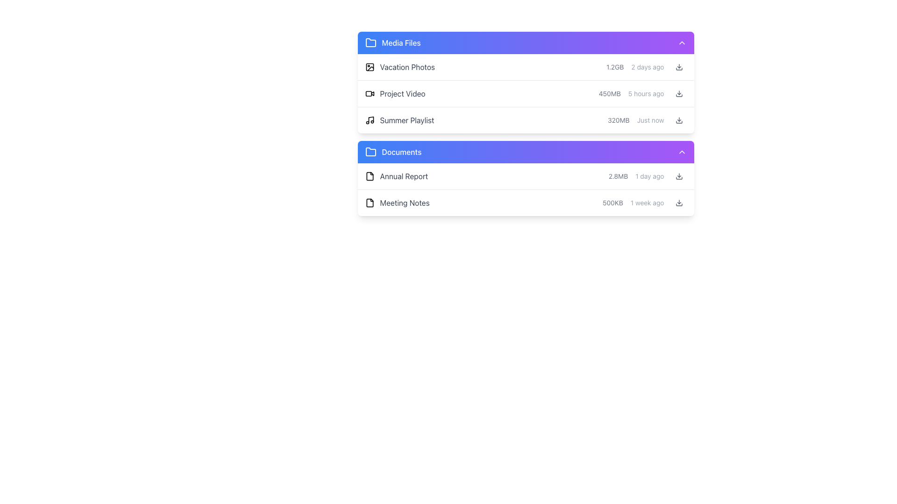 The height and width of the screenshot is (504, 897). What do you see at coordinates (647, 203) in the screenshot?
I see `the text label displaying '1 week ago', which is a small gray font text positioned to the right of '500KB' in the Documents section` at bounding box center [647, 203].